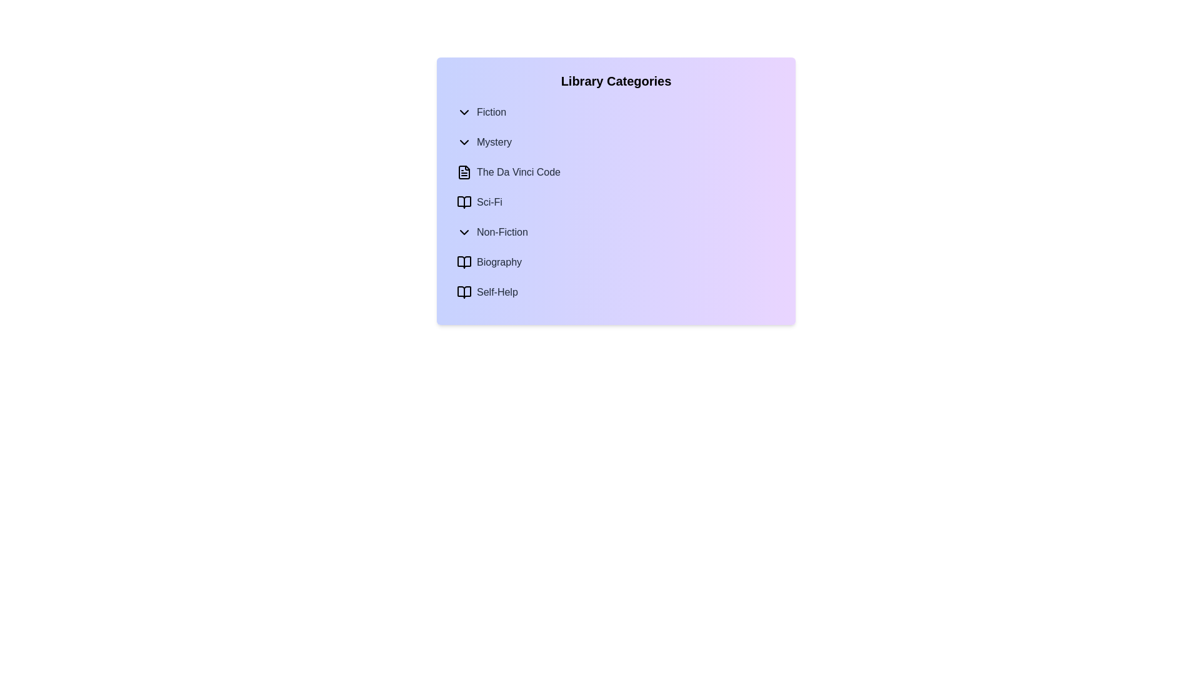 The width and height of the screenshot is (1200, 675). What do you see at coordinates (489, 202) in the screenshot?
I see `the Text Label representing a subcategory in the Library Categories list, which is located to the right of the small 'book' icon under 'Mystery'` at bounding box center [489, 202].